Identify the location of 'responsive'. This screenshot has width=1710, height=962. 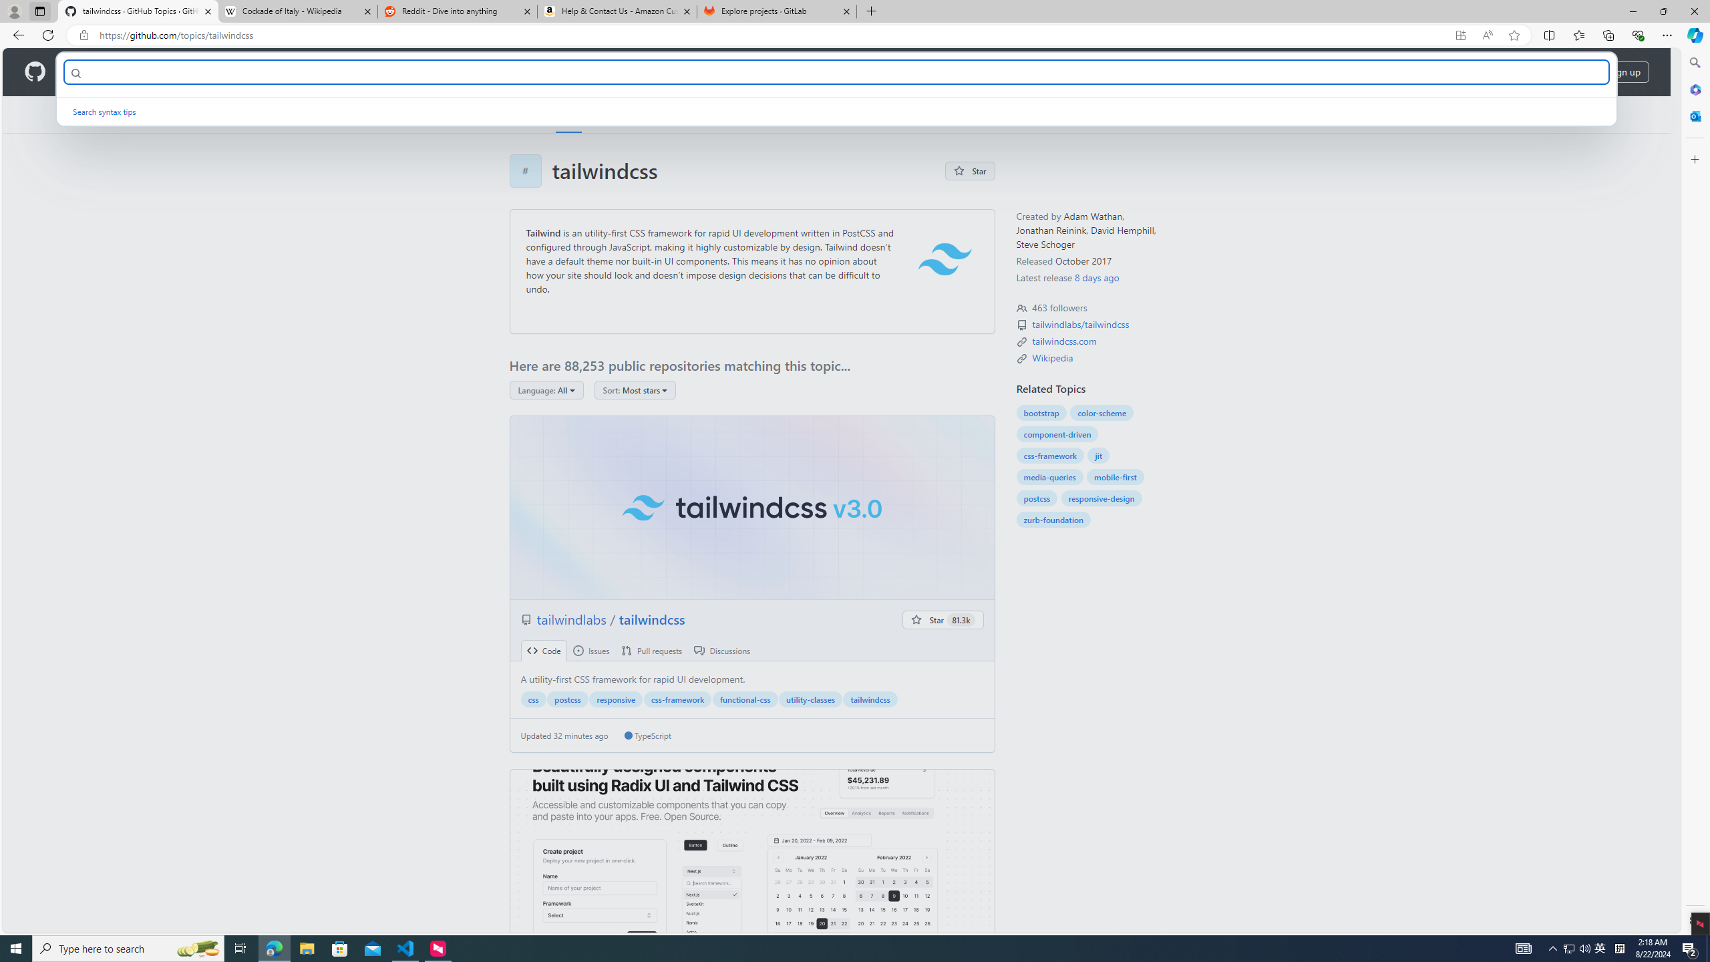
(615, 698).